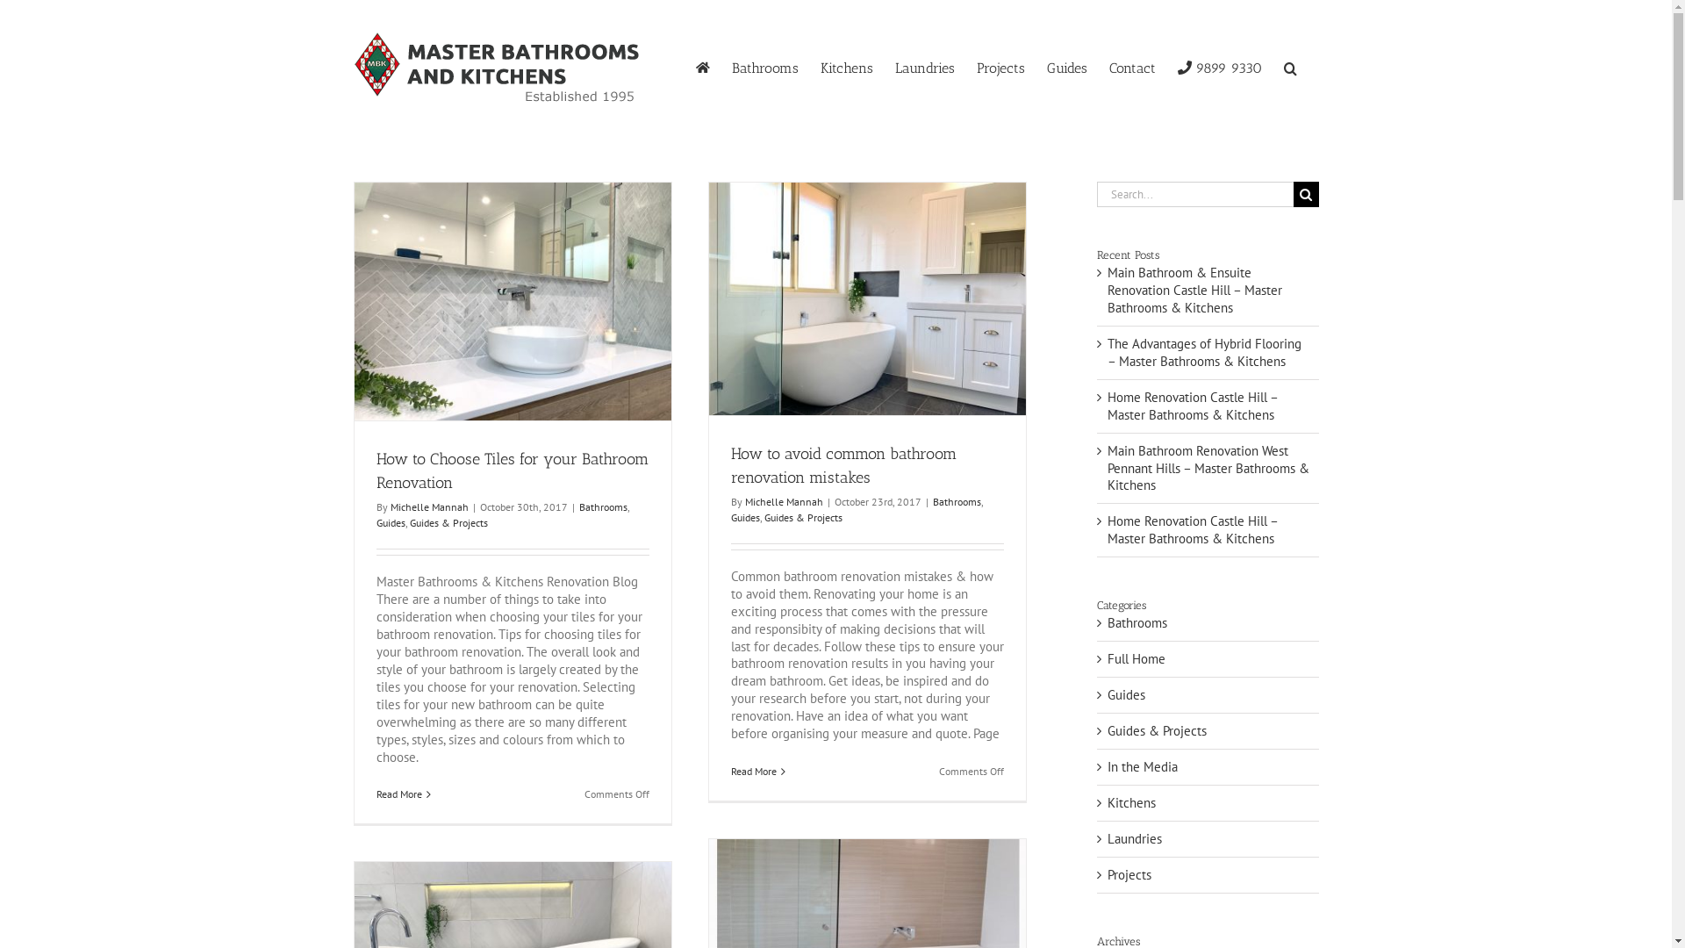 This screenshot has height=948, width=1685. What do you see at coordinates (603, 506) in the screenshot?
I see `'Bathrooms'` at bounding box center [603, 506].